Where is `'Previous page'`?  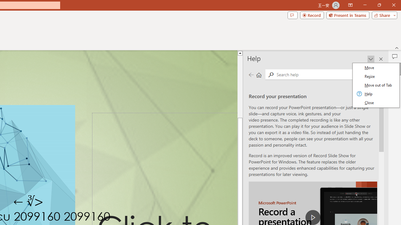 'Previous page' is located at coordinates (251, 74).